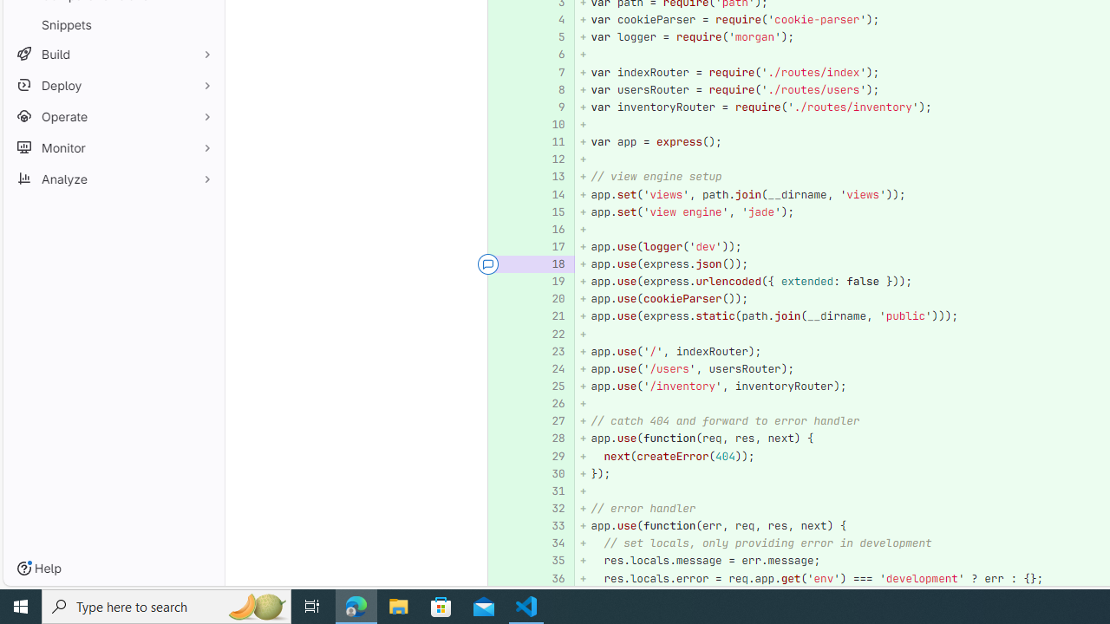 Image resolution: width=1110 pixels, height=624 pixels. Describe the element at coordinates (549, 334) in the screenshot. I see `'22'` at that location.